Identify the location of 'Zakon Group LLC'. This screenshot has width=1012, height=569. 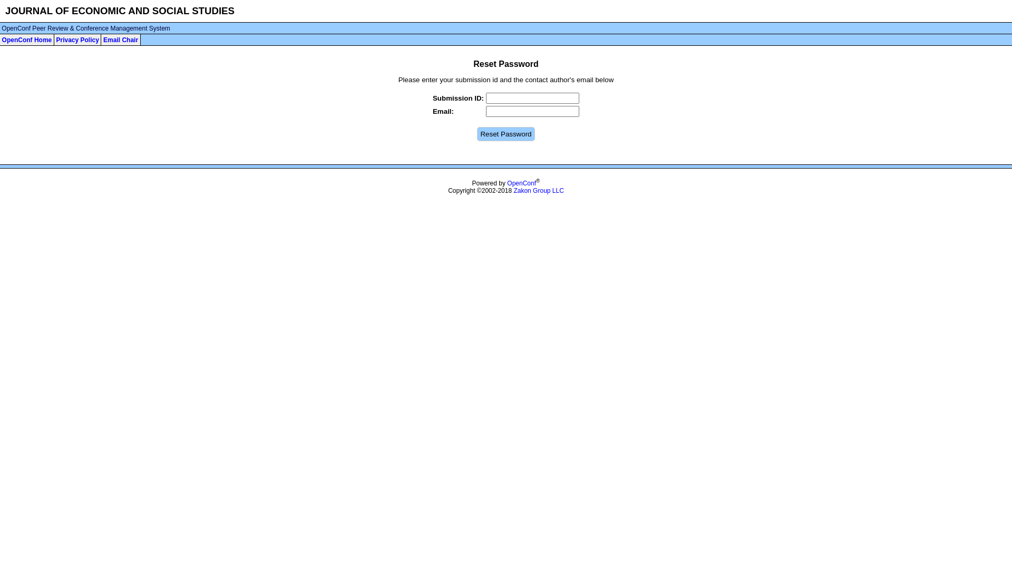
(538, 191).